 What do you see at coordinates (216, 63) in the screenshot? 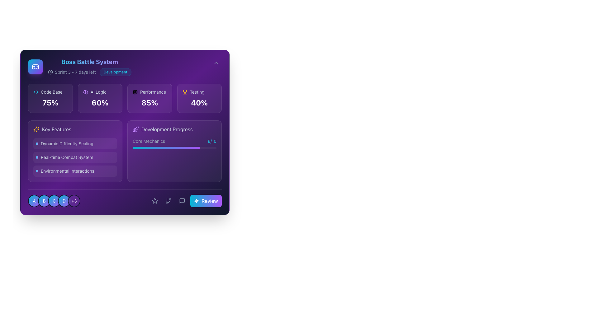
I see `the chevron-down icon in the top-right corner of the purple-themed interface, which indicates a toggle state and is styled to rotate upwards` at bounding box center [216, 63].